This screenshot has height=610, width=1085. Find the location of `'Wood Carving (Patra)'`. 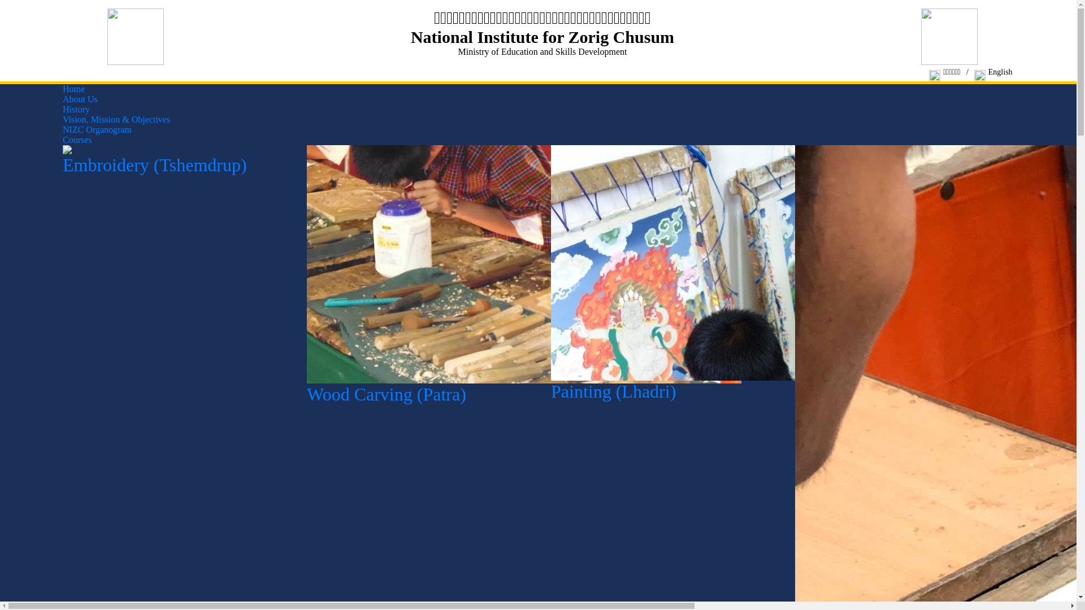

'Wood Carving (Patra)' is located at coordinates (523, 389).